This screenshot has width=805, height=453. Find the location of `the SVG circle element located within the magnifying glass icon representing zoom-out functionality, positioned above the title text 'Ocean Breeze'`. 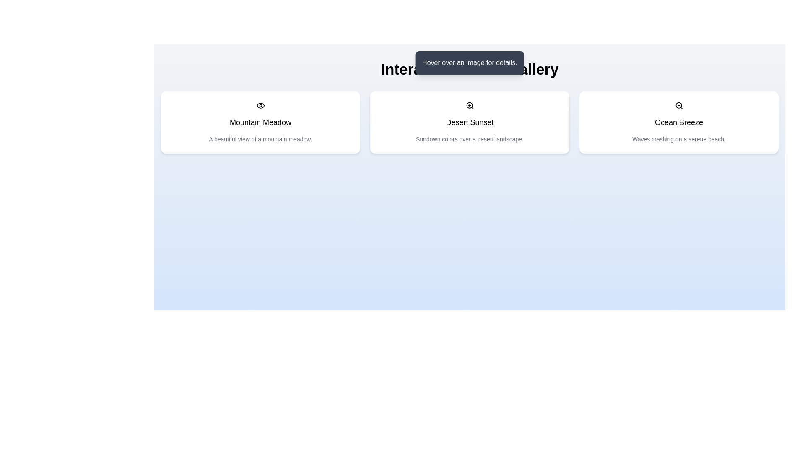

the SVG circle element located within the magnifying glass icon representing zoom-out functionality, positioned above the title text 'Ocean Breeze' is located at coordinates (678, 105).